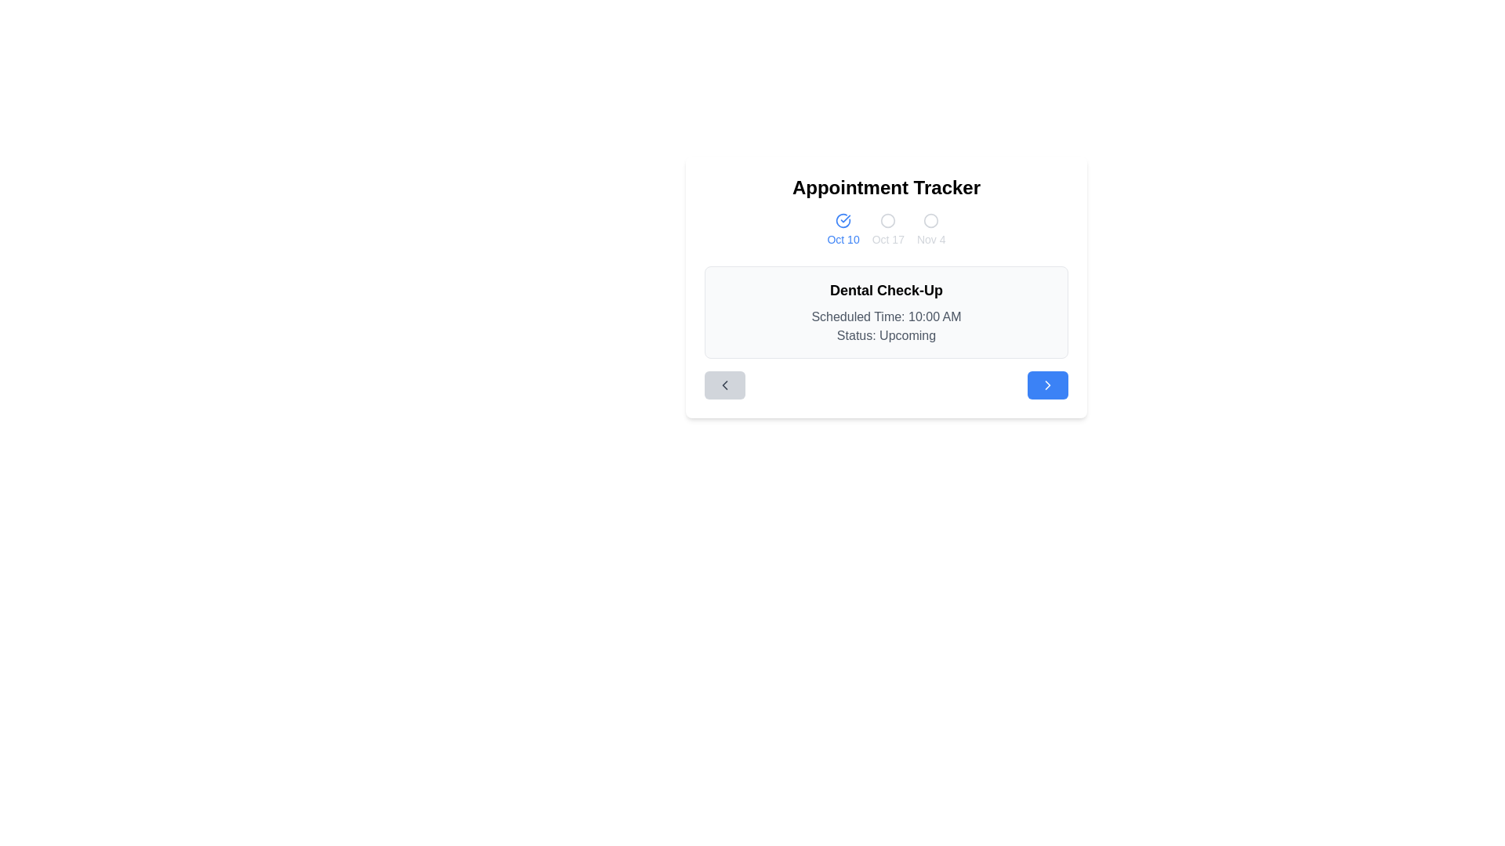  Describe the element at coordinates (888, 220) in the screenshot. I see `the decorative circle used as a visual indicator for date selection within the SVG graphic, positioned near the top center of the display` at that location.